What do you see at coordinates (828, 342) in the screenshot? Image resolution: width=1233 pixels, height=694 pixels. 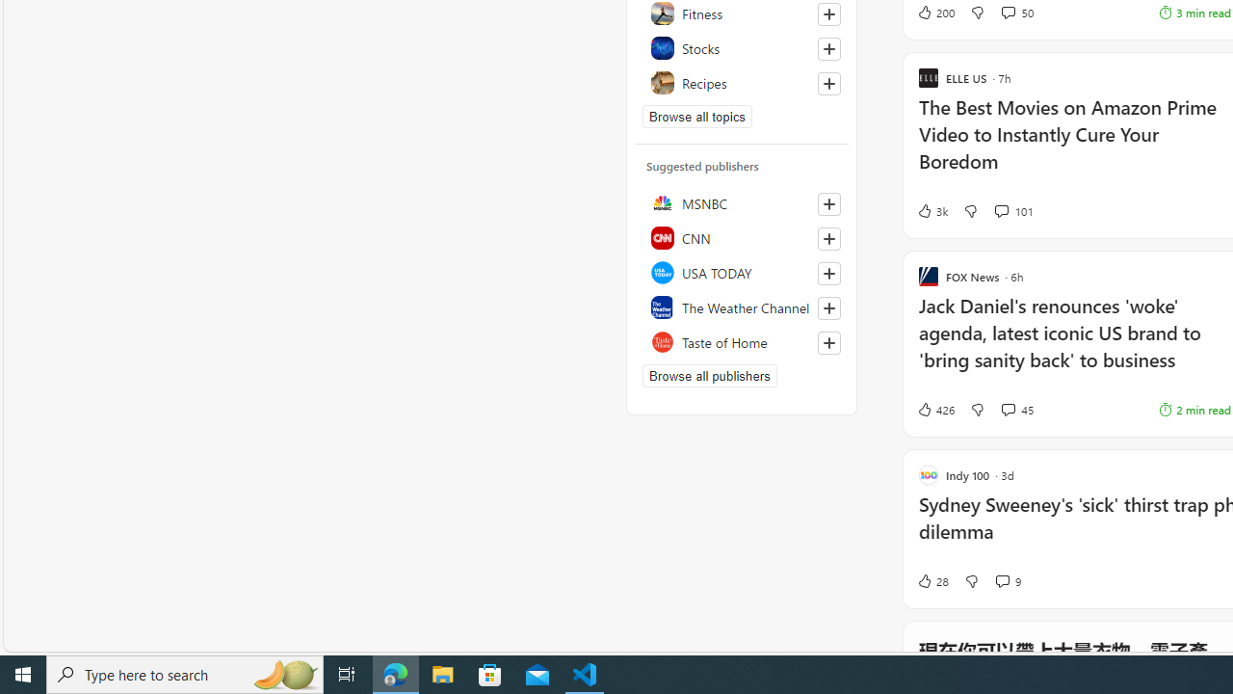 I see `'Follow this source'` at bounding box center [828, 342].